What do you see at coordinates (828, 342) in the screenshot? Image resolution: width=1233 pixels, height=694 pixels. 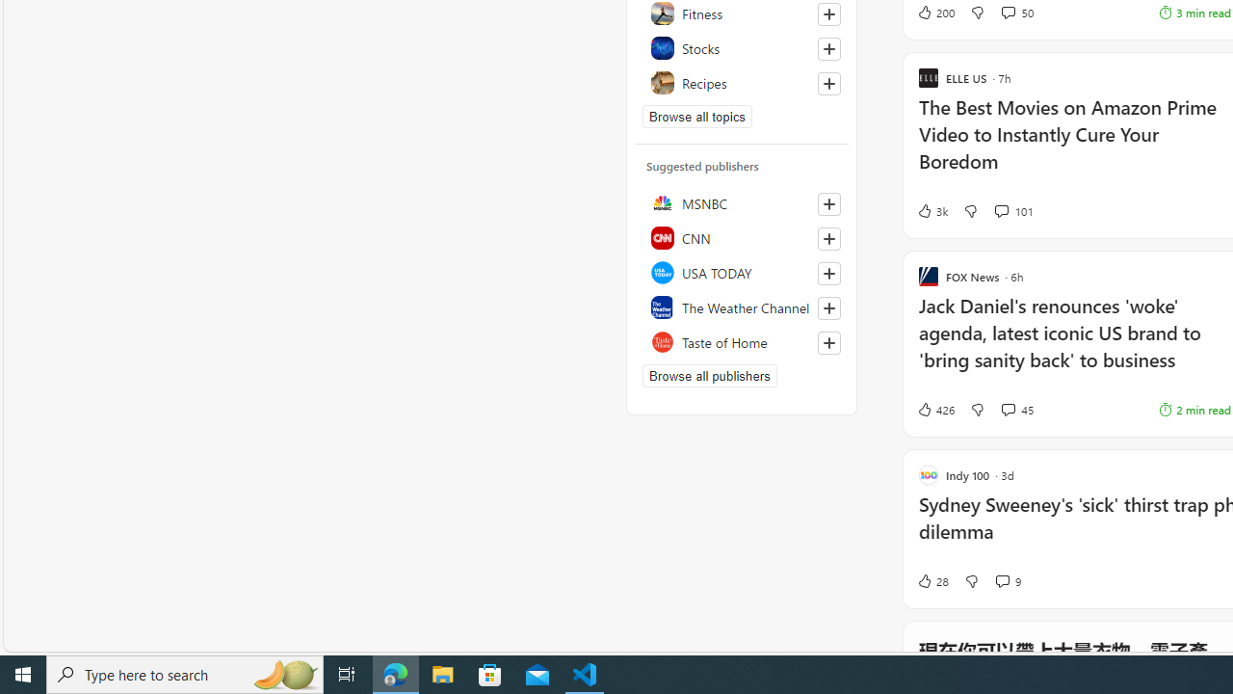 I see `'Follow this source'` at bounding box center [828, 342].